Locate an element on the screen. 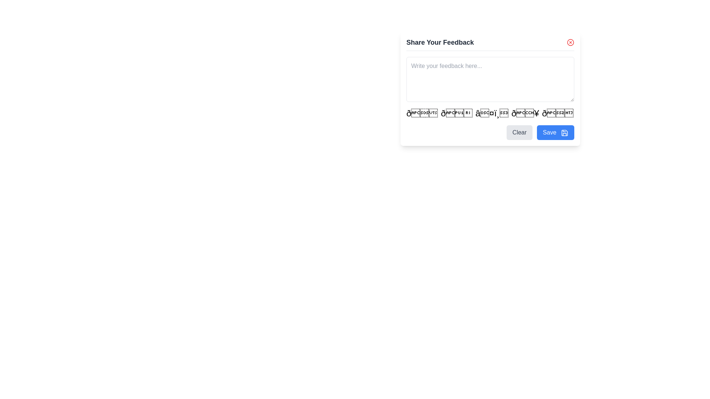 This screenshot has width=710, height=399. the flame emoji button, which is the fourth emoji in a horizontal arrangement of emojis, located below a feedback text input field is located at coordinates (525, 113).